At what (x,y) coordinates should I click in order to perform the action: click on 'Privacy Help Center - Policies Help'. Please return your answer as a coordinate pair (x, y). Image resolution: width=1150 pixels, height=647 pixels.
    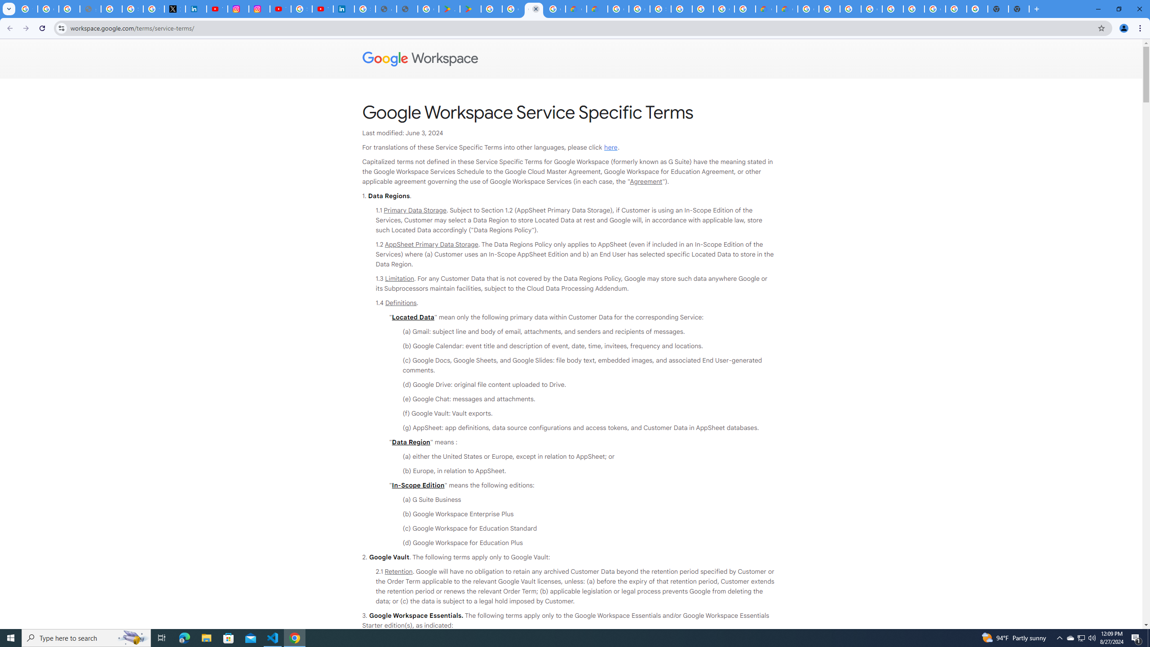
    Looking at the image, I should click on (111, 9).